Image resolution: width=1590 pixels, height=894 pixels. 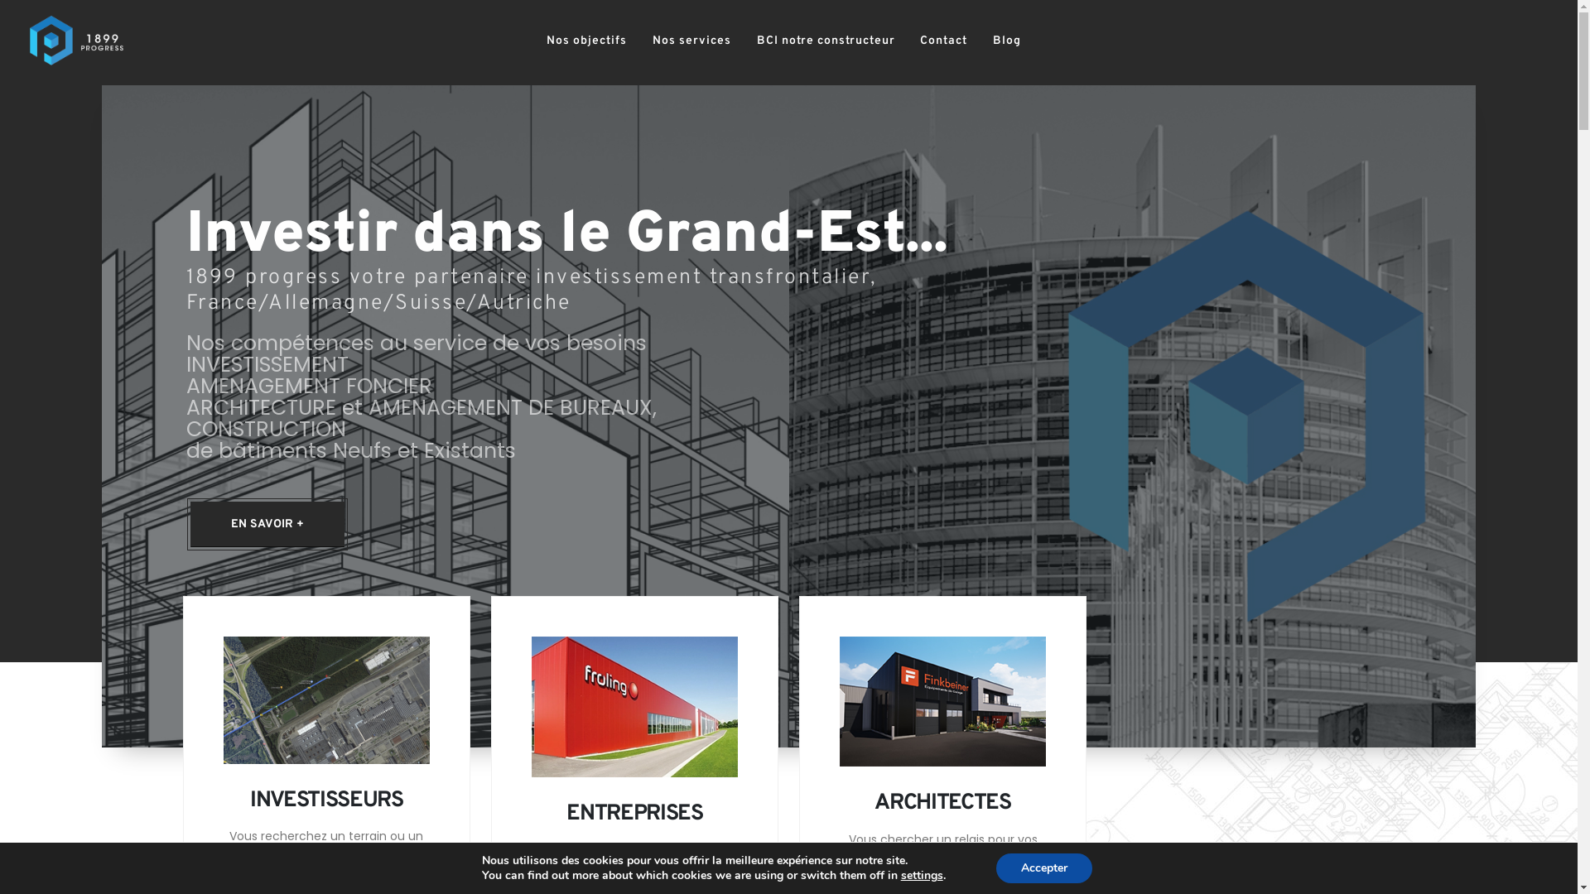 I want to click on 'Nos services', so click(x=691, y=41).